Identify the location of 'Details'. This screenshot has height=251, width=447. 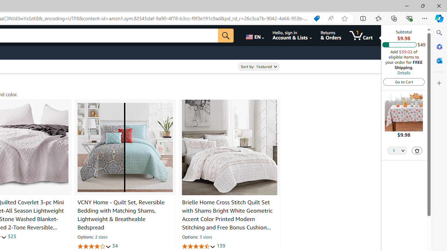
(404, 73).